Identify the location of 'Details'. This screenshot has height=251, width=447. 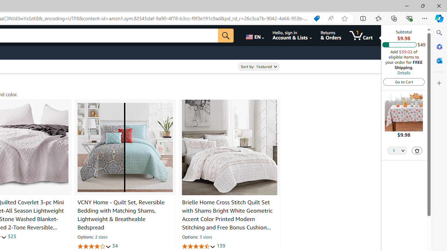
(404, 73).